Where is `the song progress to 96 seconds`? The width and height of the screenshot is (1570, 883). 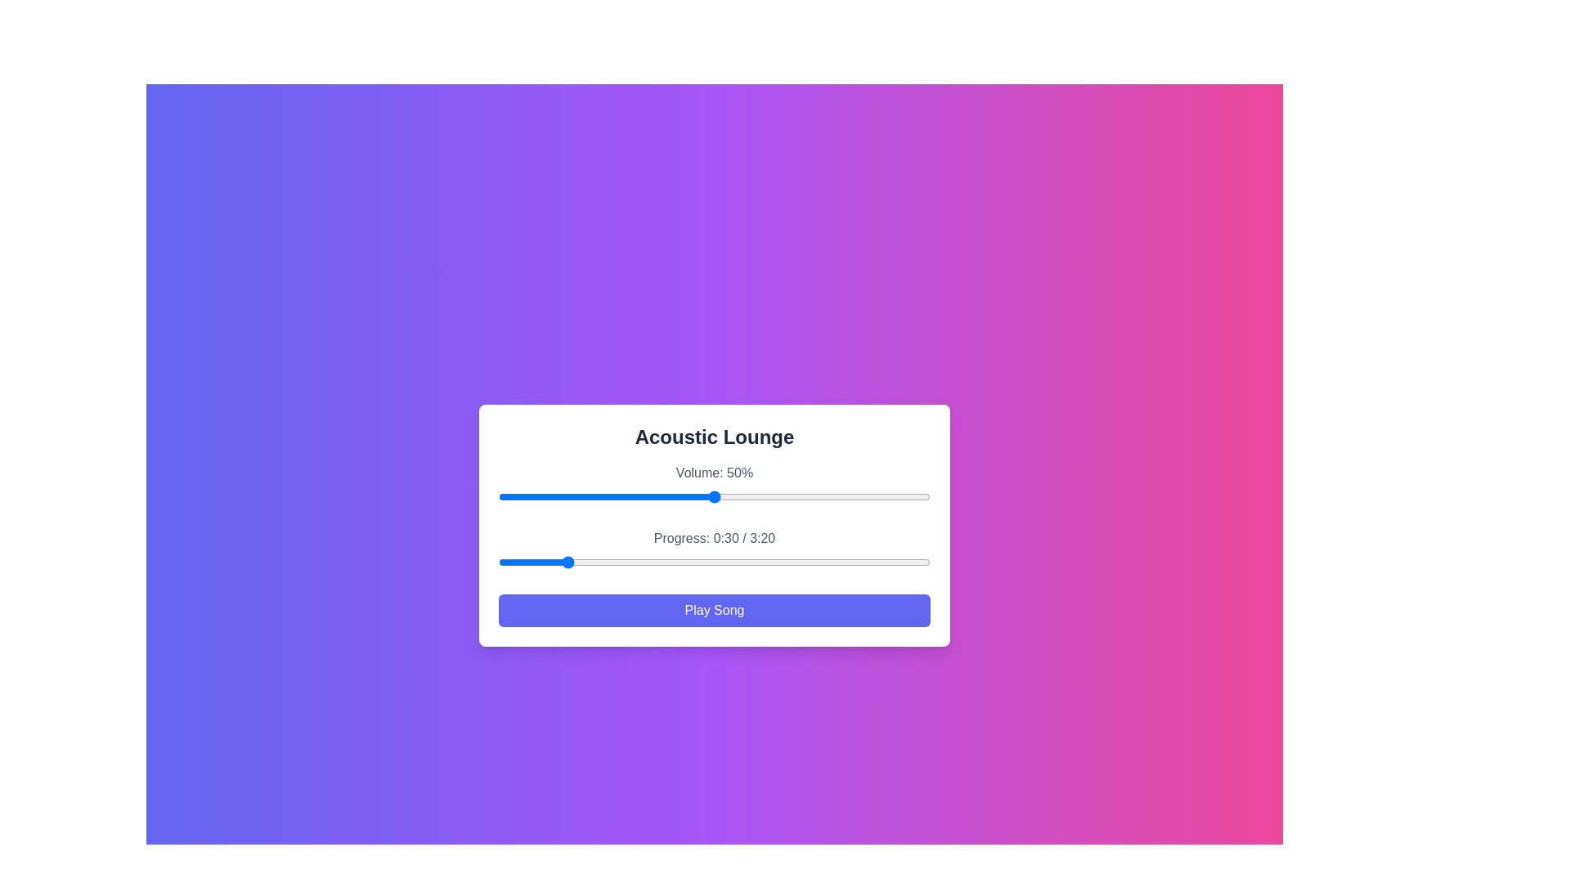
the song progress to 96 seconds is located at coordinates (706, 561).